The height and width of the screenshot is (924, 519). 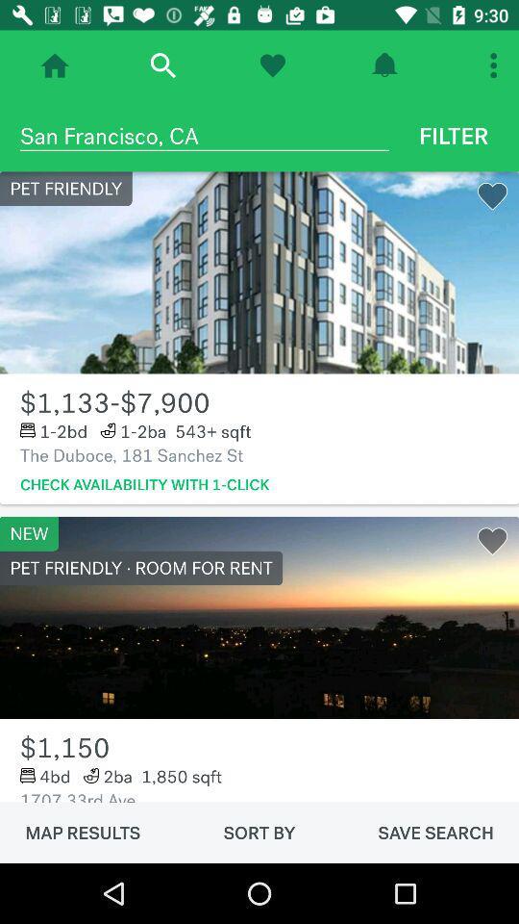 What do you see at coordinates (259, 832) in the screenshot?
I see `item to the right of map results icon` at bounding box center [259, 832].